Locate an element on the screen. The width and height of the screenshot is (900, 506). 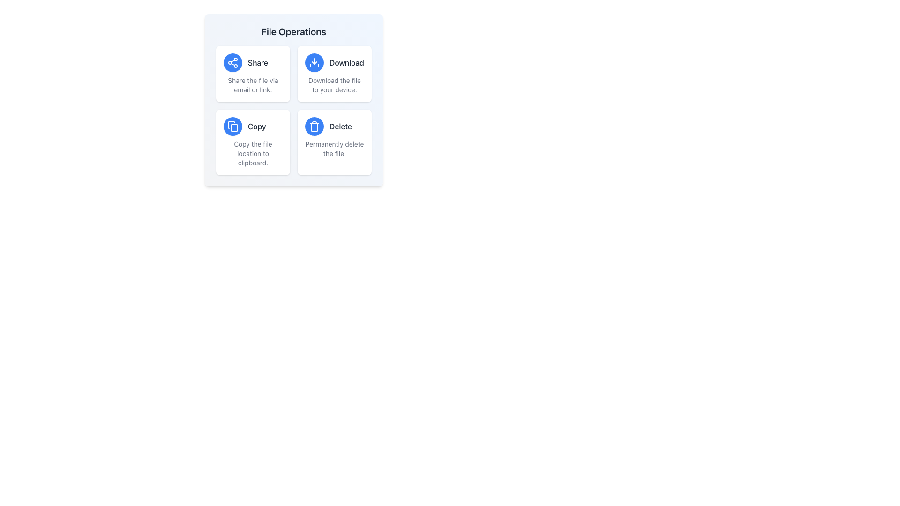
the 'Copy' button located in the bottom-left segment of the 'File Operations' grid is located at coordinates (233, 126).